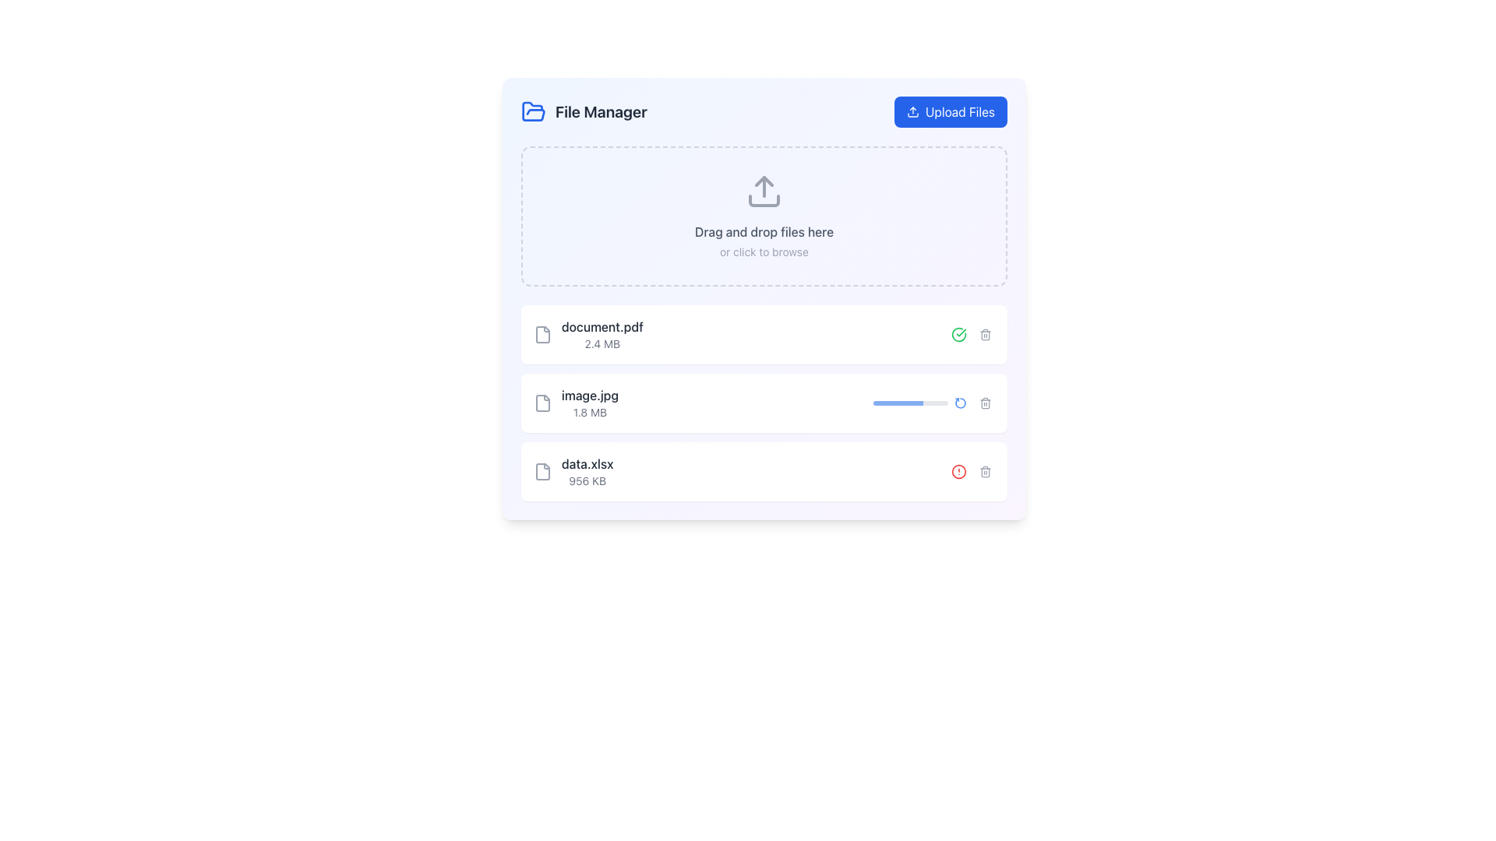 Image resolution: width=1496 pixels, height=841 pixels. I want to click on and drop files onto the interactive file upload box located below the 'File Manager' title and above the file list containing 'document.pdf', 'image.jpg', and 'data.xlsx', so click(764, 216).